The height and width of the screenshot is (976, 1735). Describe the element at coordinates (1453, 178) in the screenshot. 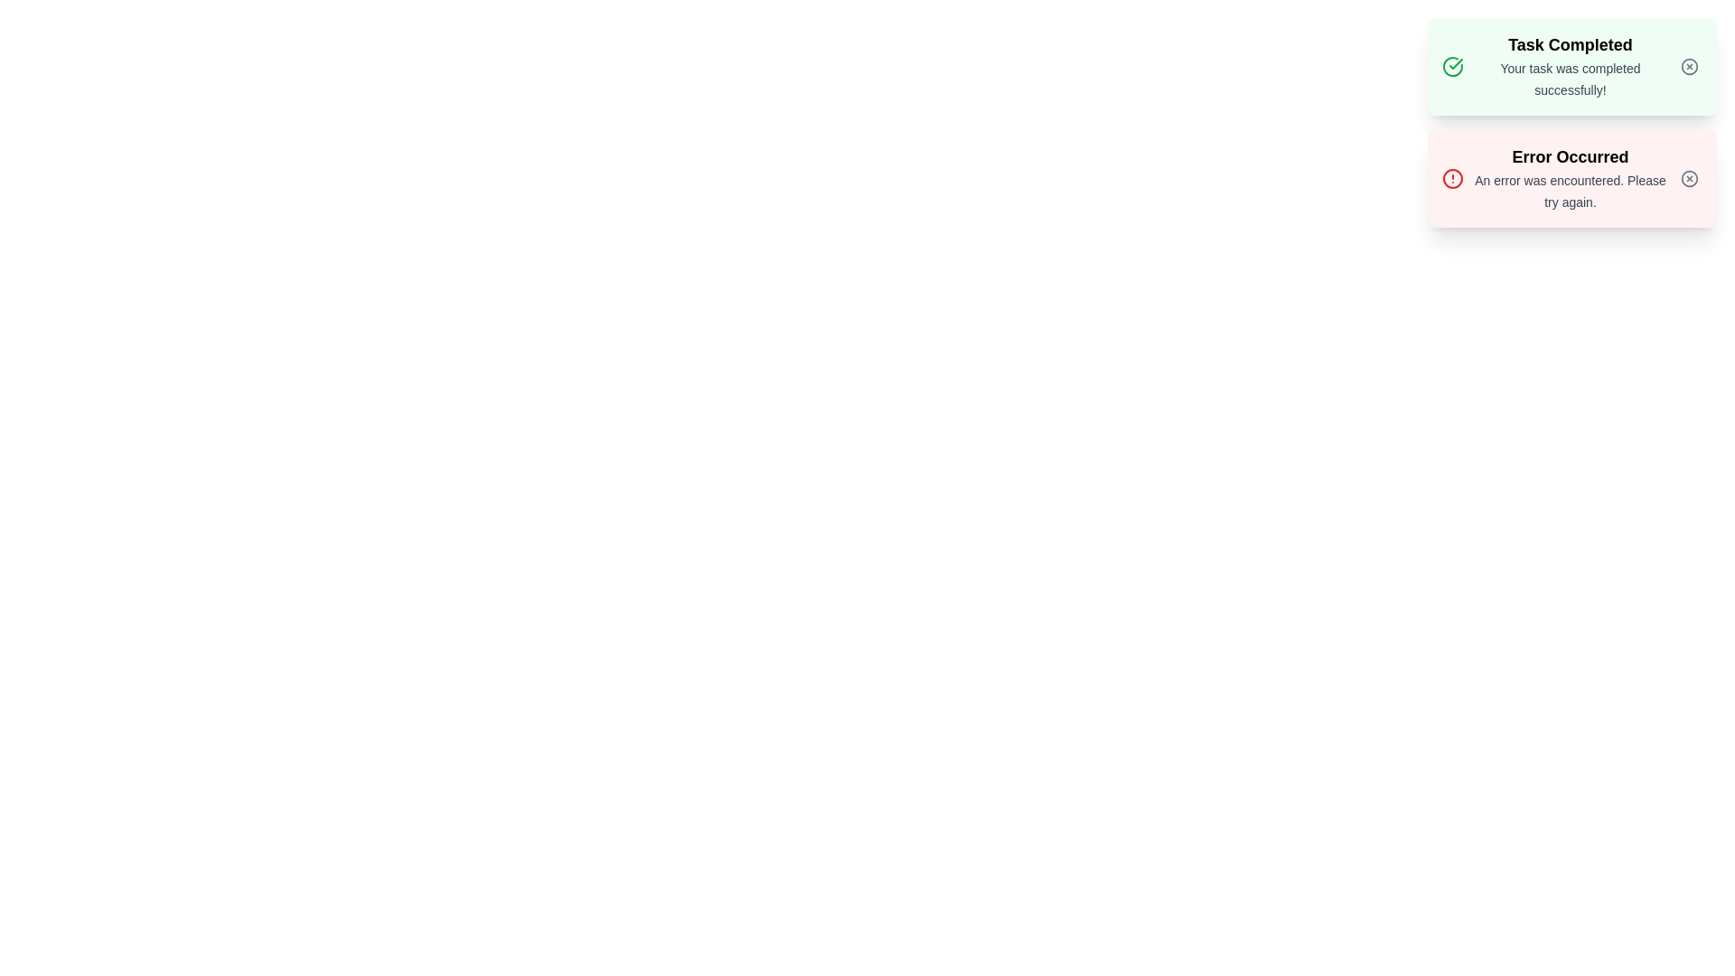

I see `the visual alert represented by the circular graphic element located adjacent to the 'Error Occurred' text in the notification pane` at that location.